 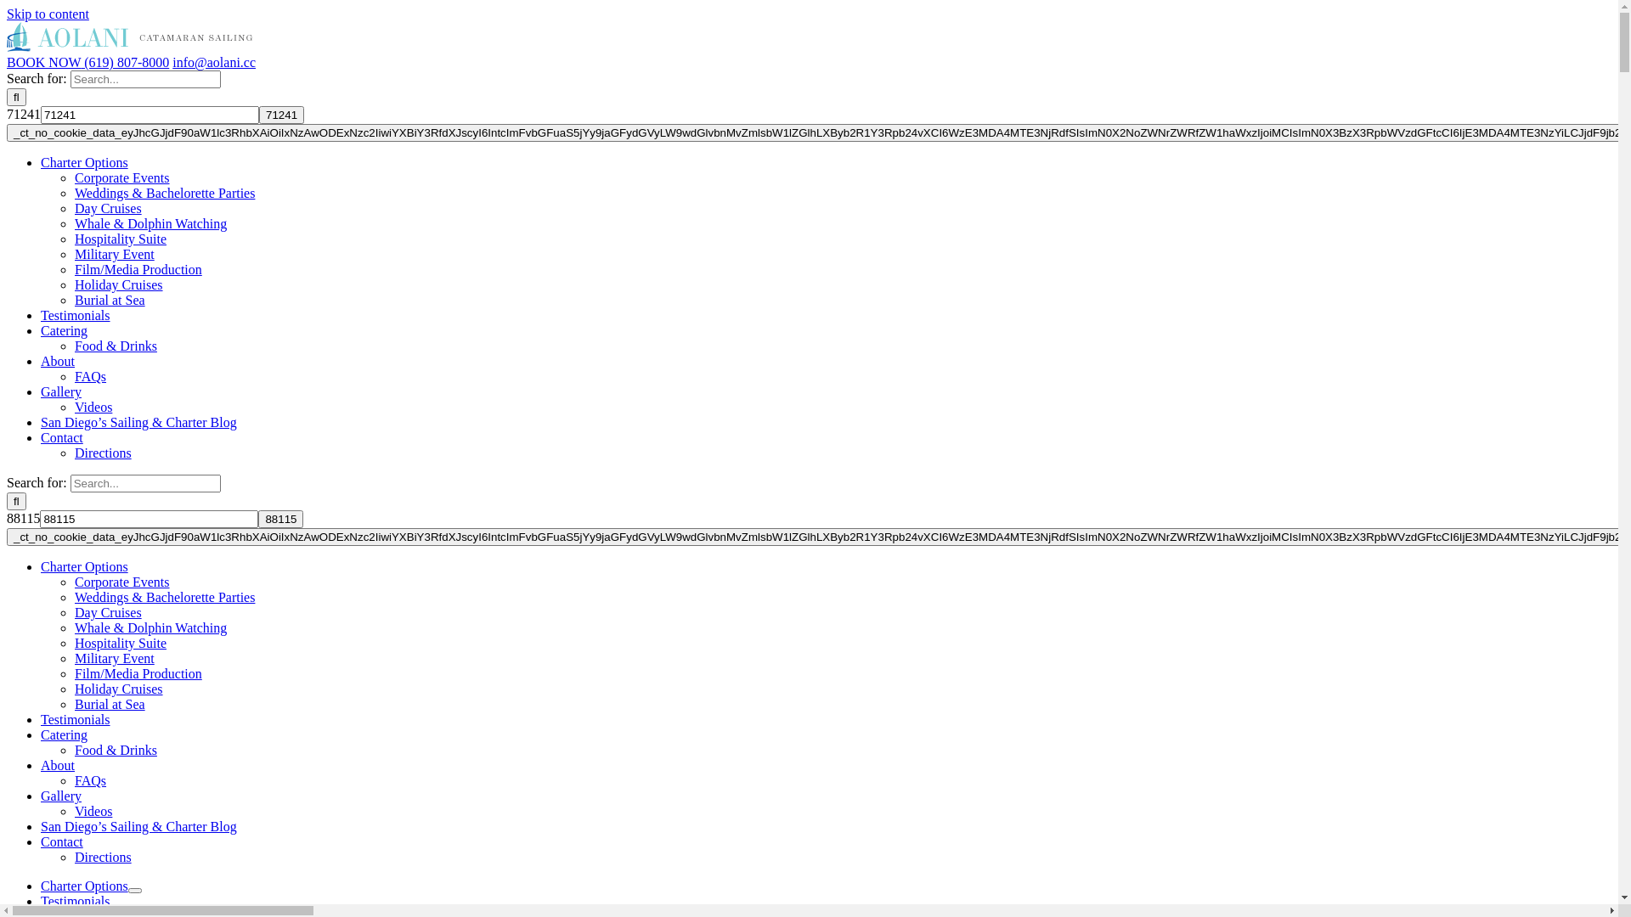 What do you see at coordinates (107, 612) in the screenshot?
I see `'Day Cruises'` at bounding box center [107, 612].